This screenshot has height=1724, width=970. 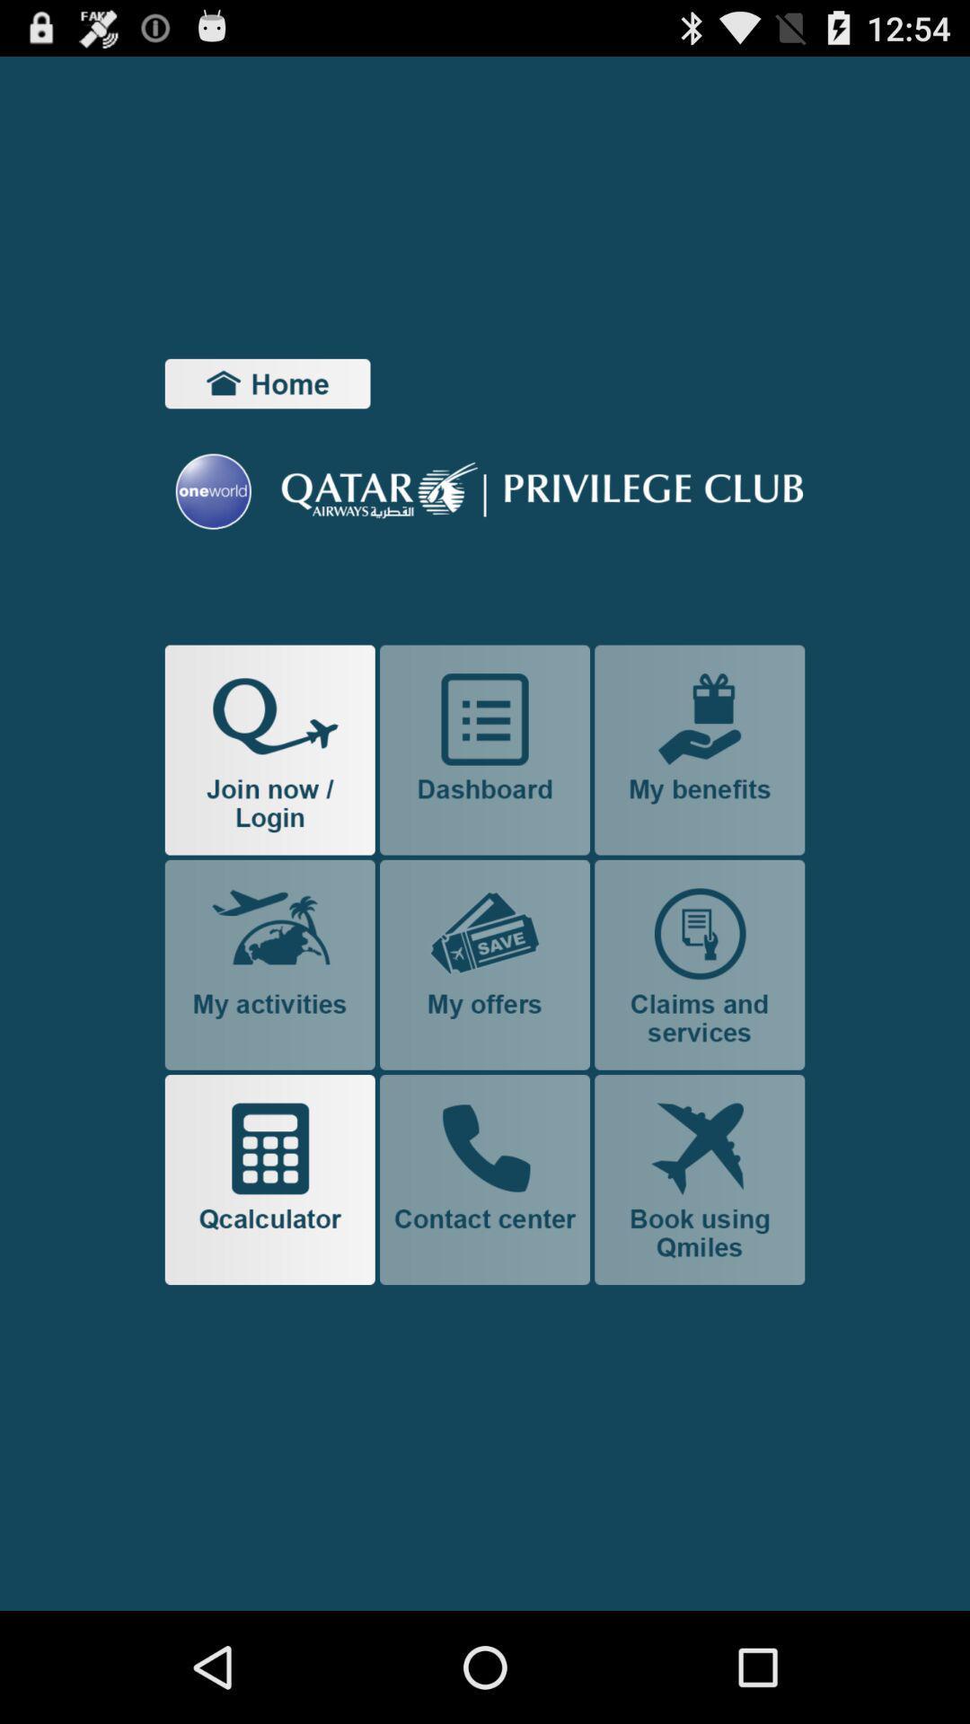 I want to click on contact the help center, so click(x=485, y=1180).